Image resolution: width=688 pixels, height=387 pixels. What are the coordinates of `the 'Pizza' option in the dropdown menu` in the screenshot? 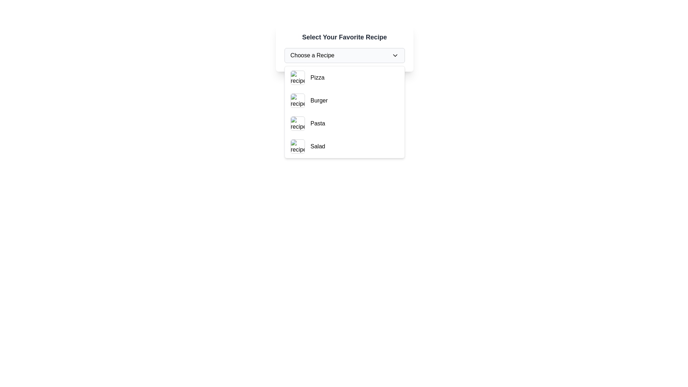 It's located at (317, 77).